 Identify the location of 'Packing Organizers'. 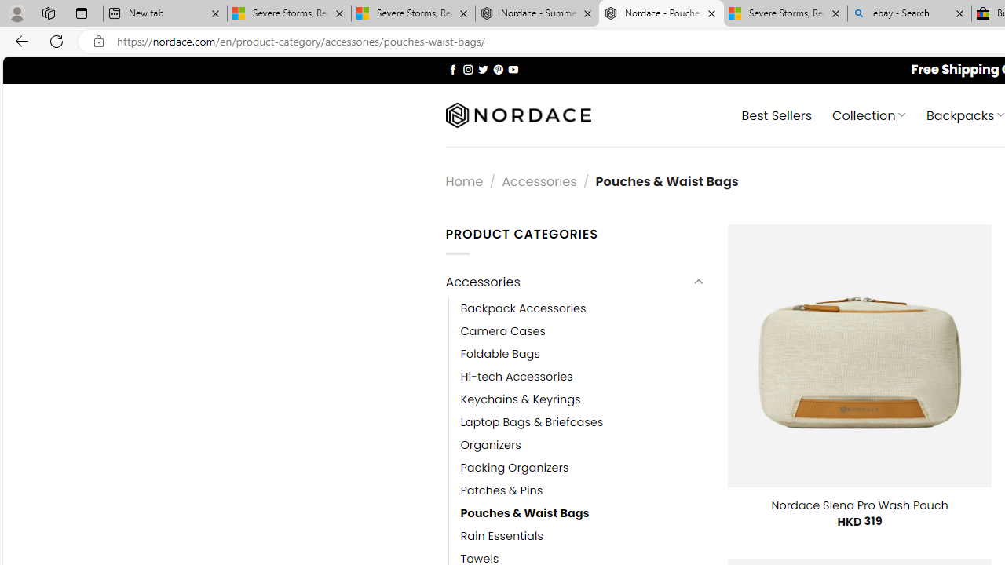
(514, 467).